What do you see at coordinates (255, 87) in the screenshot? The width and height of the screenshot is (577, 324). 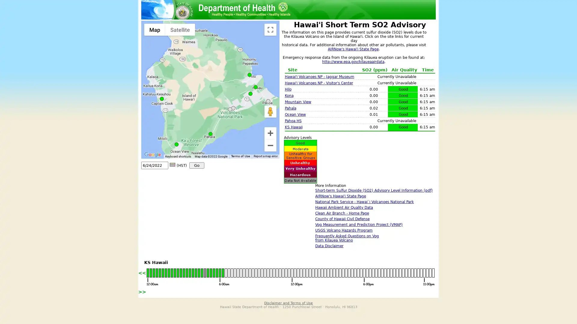 I see `KS Hawaii: SO2 0.00 ppm (Good) on 06/24 at 06:15 am` at bounding box center [255, 87].